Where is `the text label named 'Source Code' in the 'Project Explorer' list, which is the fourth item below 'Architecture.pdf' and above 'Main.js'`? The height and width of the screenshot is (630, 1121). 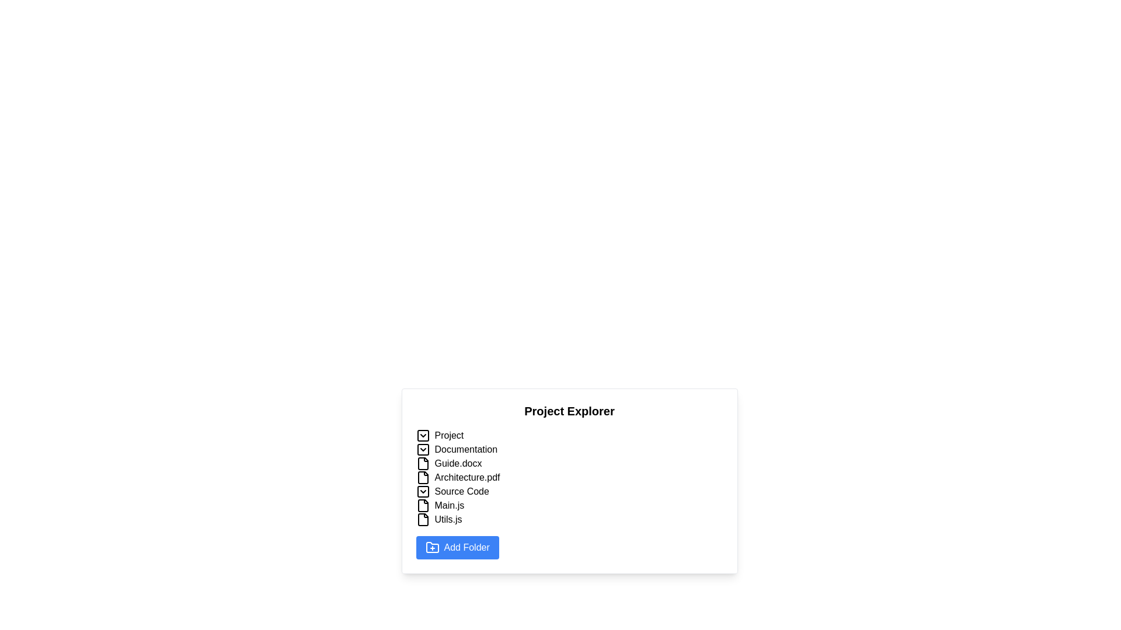
the text label named 'Source Code' in the 'Project Explorer' list, which is the fourth item below 'Architecture.pdf' and above 'Main.js' is located at coordinates (461, 492).